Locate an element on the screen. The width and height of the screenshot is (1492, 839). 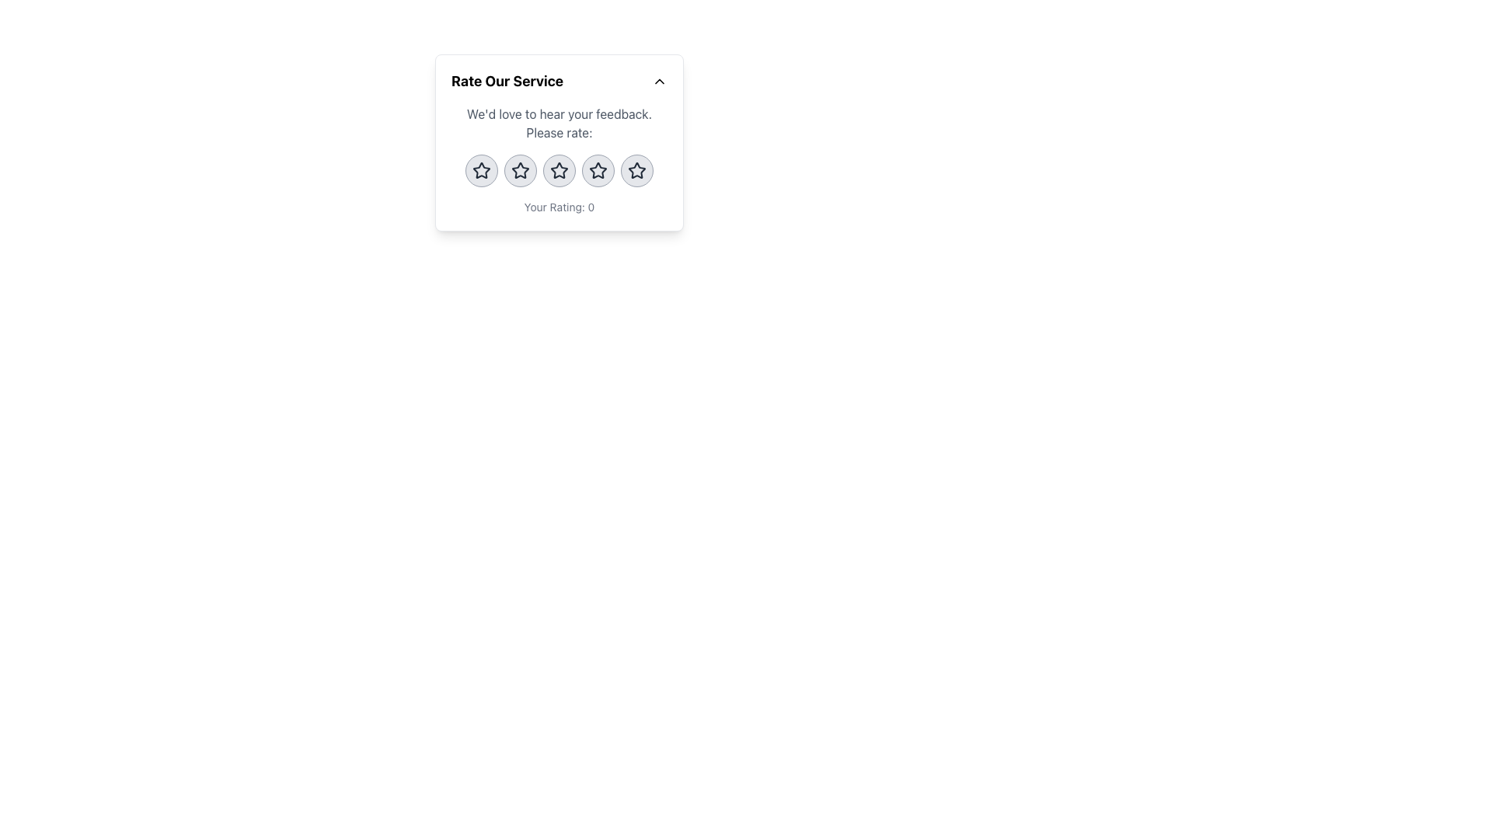
the rightmost circular light gray button with a star icon is located at coordinates (637, 170).